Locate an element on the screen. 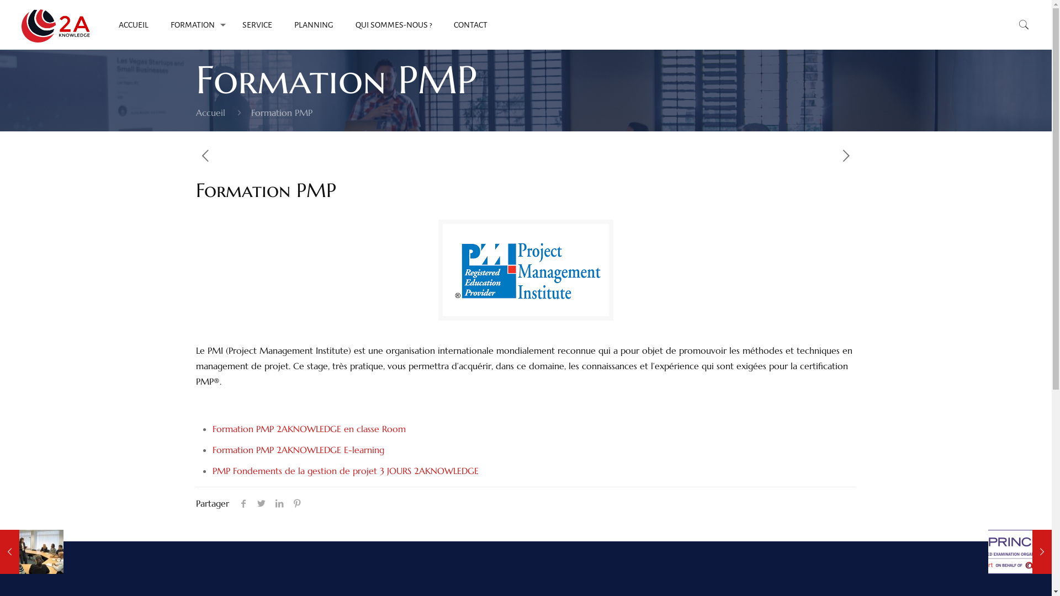 Image resolution: width=1060 pixels, height=596 pixels. 'Accueil' is located at coordinates (210, 113).